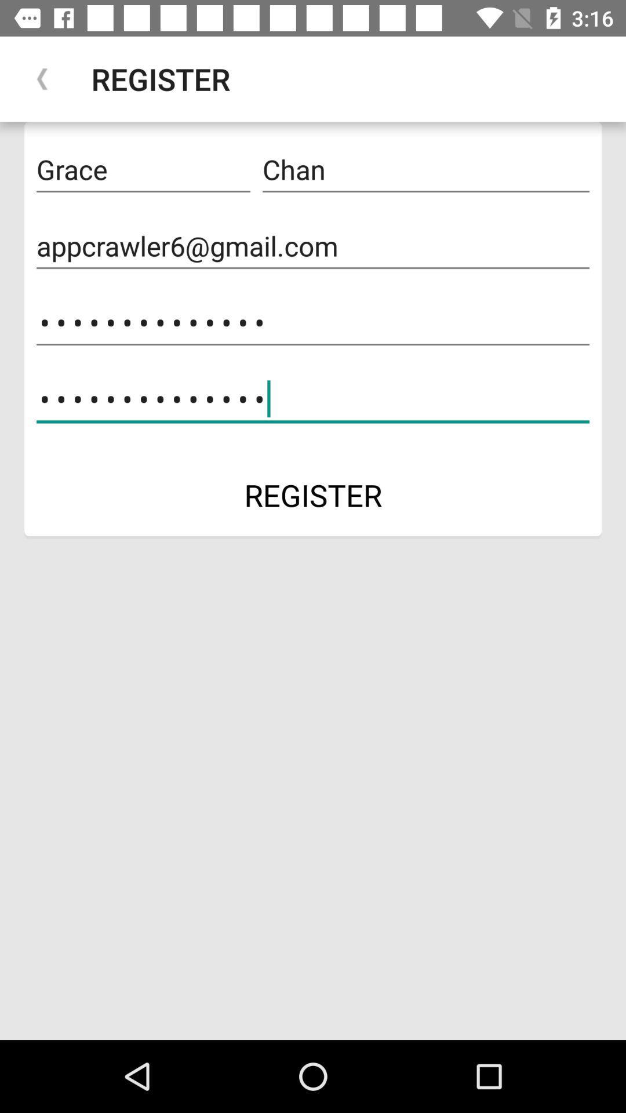  Describe the element at coordinates (42, 78) in the screenshot. I see `app next to register` at that location.